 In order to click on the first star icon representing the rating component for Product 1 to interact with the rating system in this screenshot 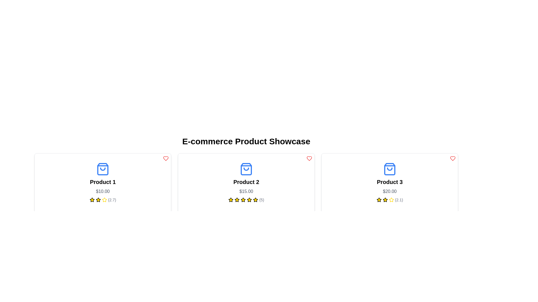, I will do `click(92, 199)`.